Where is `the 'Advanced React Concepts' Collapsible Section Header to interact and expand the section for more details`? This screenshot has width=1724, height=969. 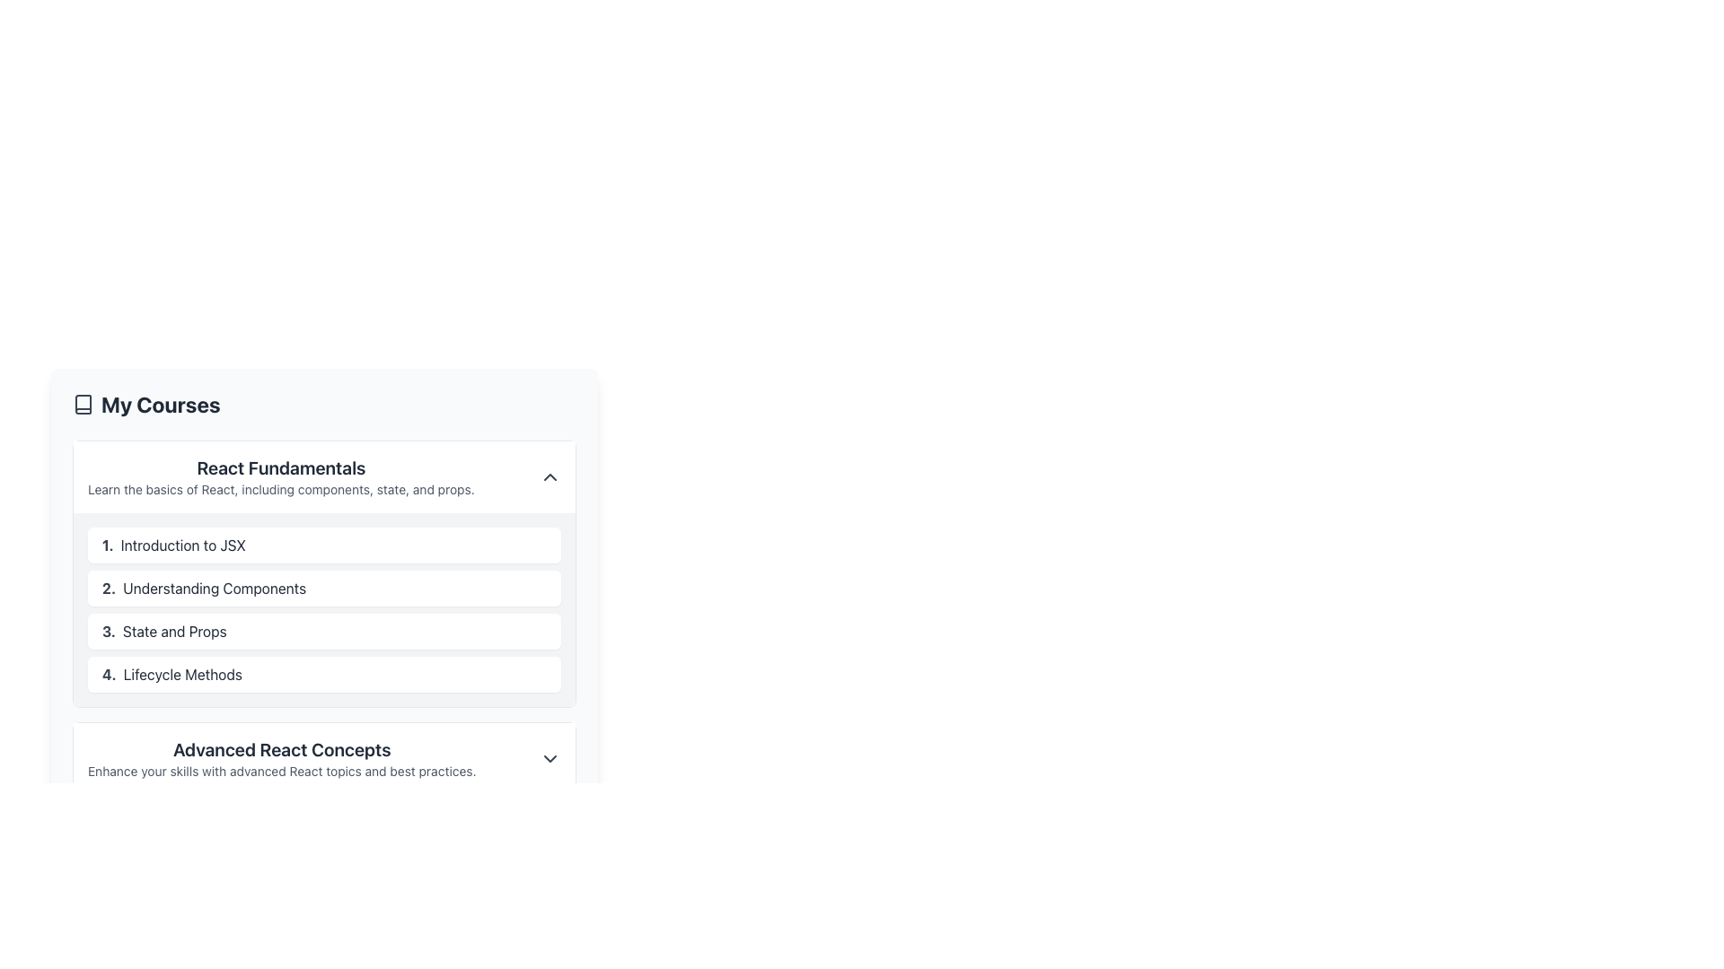 the 'Advanced React Concepts' Collapsible Section Header to interact and expand the section for more details is located at coordinates (324, 758).